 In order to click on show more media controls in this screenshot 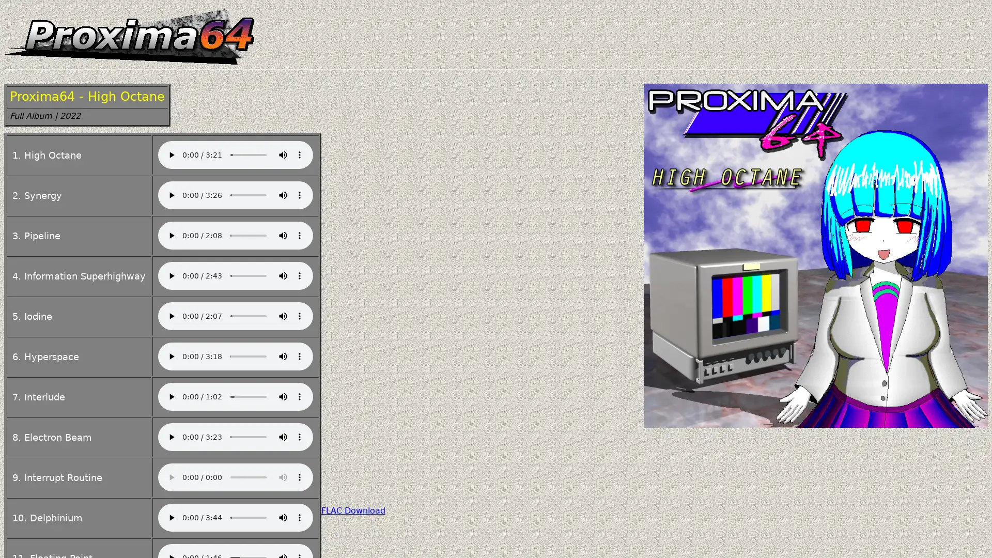, I will do `click(299, 275)`.